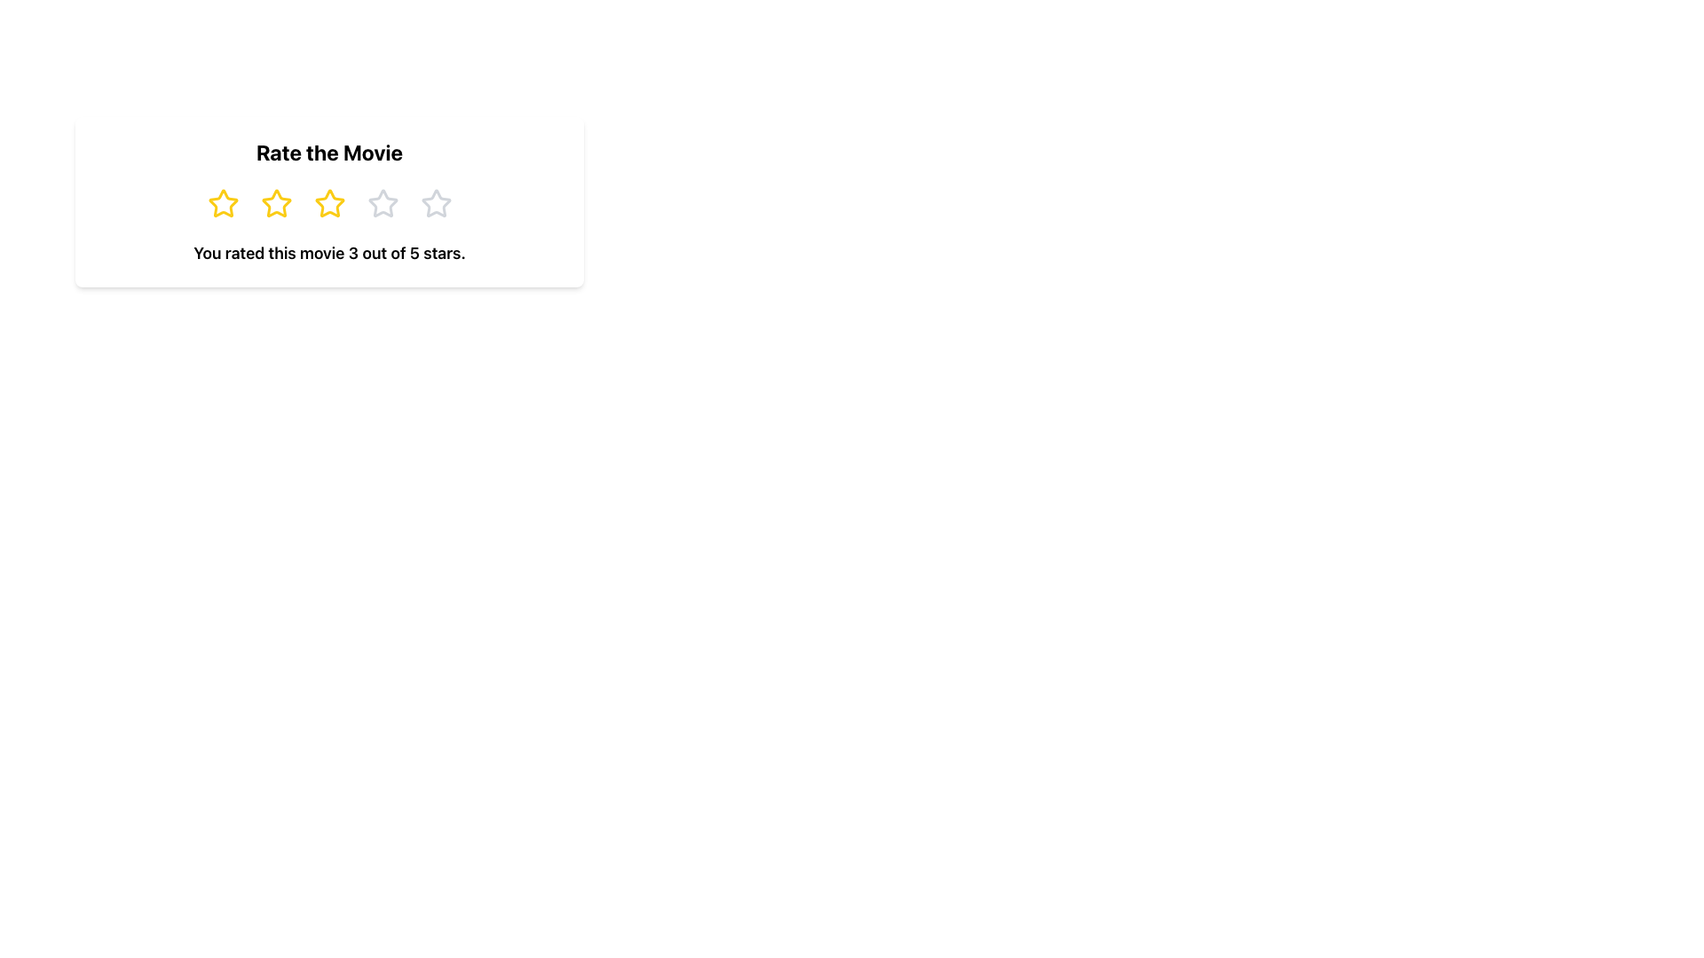 The image size is (1704, 958). I want to click on the first star icon with a yellow outline, so click(222, 202).